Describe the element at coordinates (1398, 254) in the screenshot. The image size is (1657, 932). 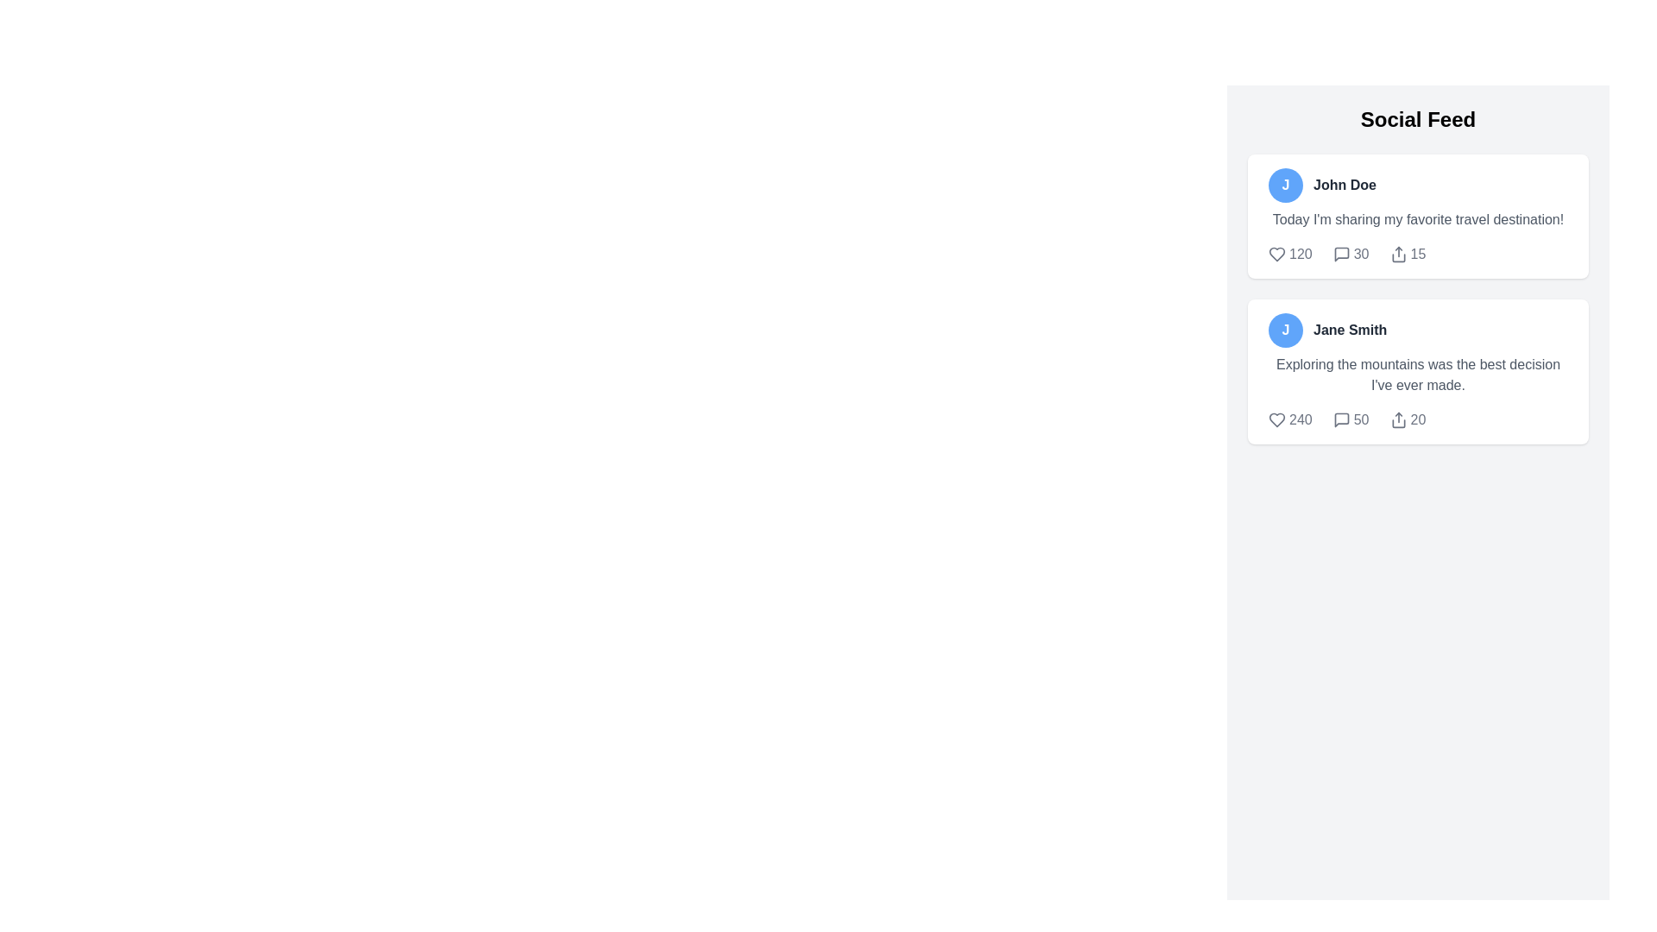
I see `keyboard navigation` at that location.